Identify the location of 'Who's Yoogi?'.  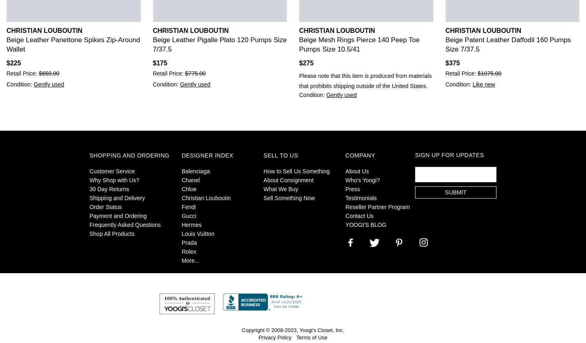
(362, 180).